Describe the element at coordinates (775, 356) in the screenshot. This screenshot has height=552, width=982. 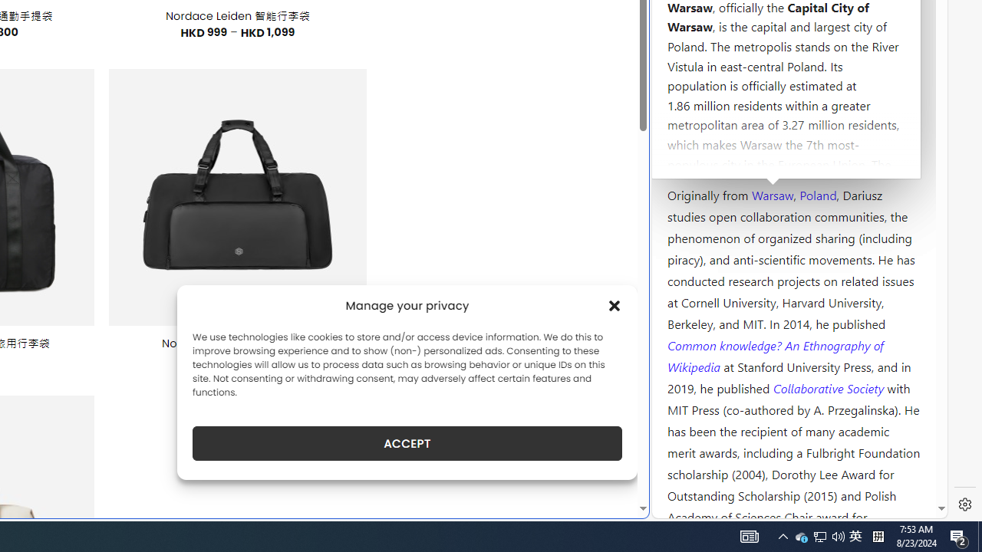
I see `'Common knowledge? An Ethnography of Wikipedia'` at that location.